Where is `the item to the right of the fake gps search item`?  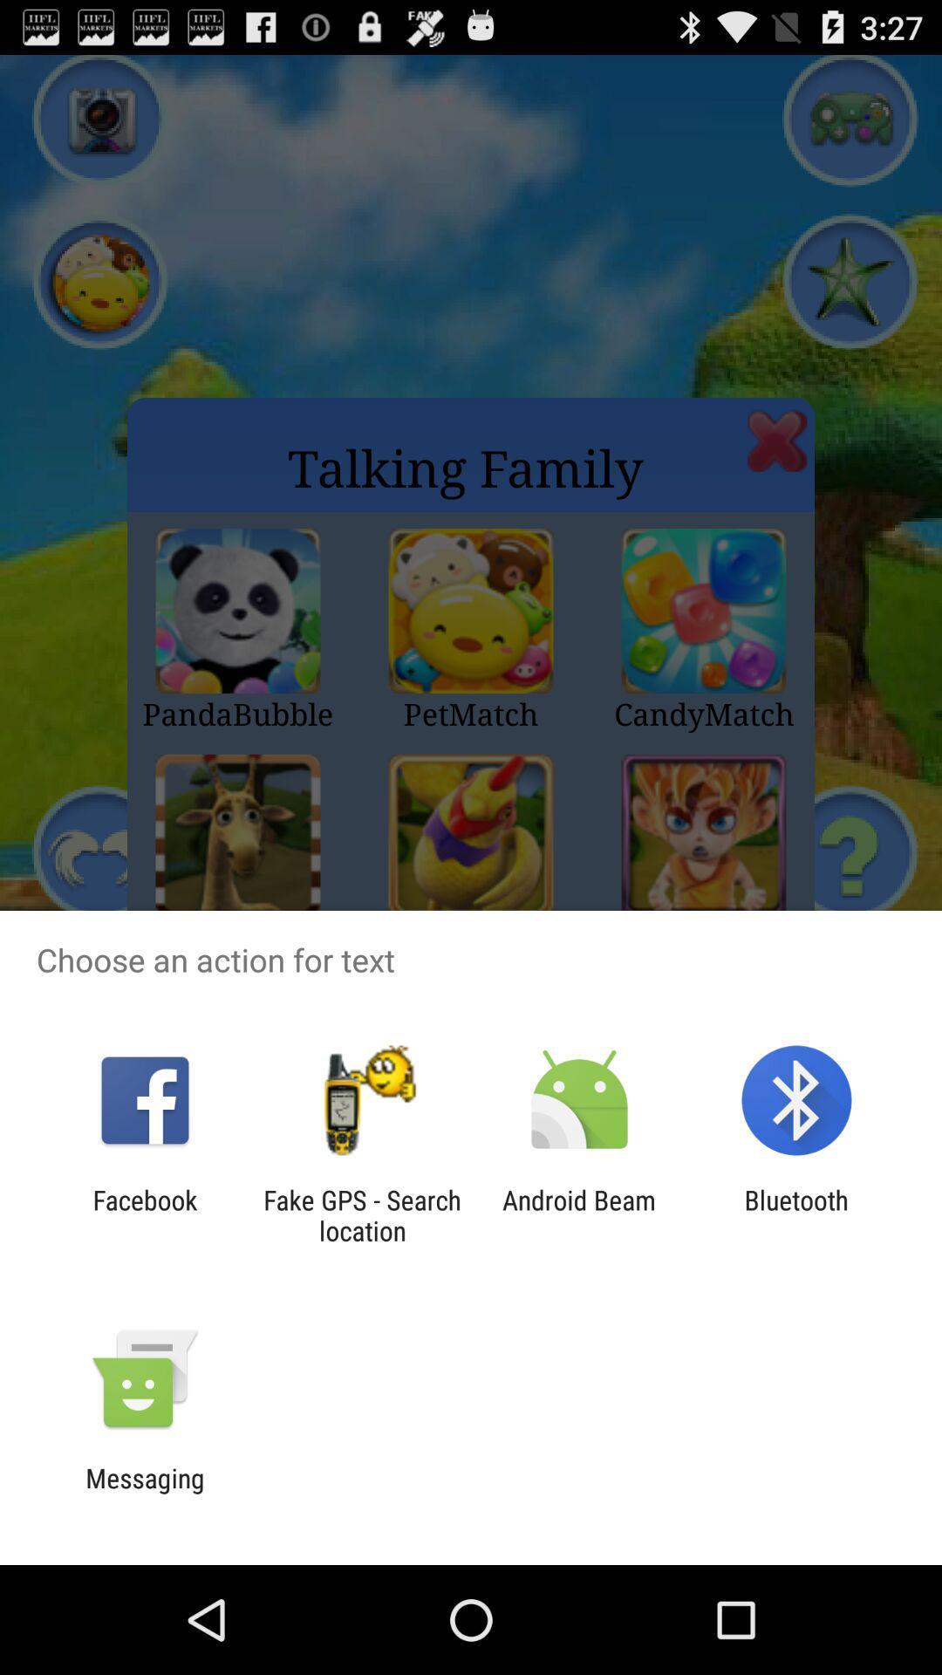
the item to the right of the fake gps search item is located at coordinates (579, 1214).